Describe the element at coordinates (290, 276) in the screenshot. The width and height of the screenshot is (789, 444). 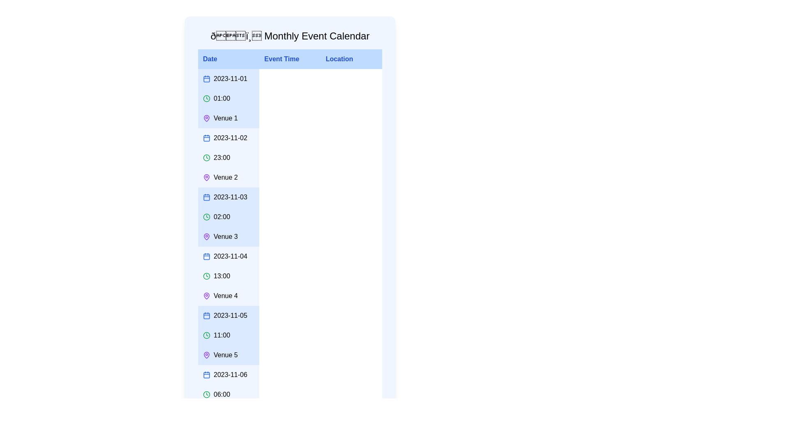
I see `the row corresponding to the event on 2023-11-04` at that location.